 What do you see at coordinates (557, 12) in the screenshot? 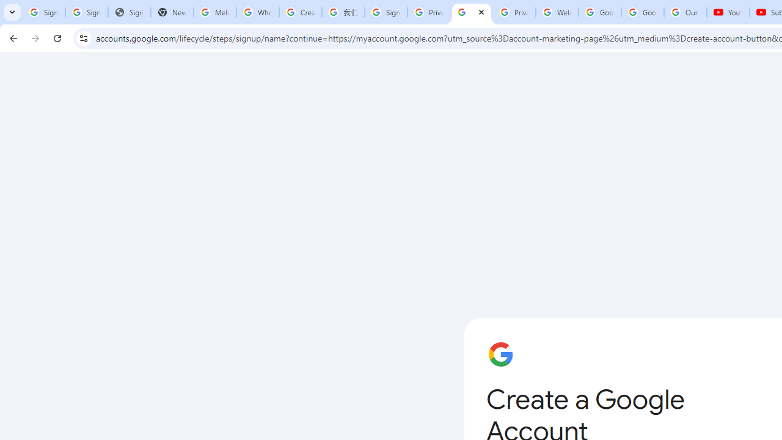
I see `'Welcome to My Activity'` at bounding box center [557, 12].